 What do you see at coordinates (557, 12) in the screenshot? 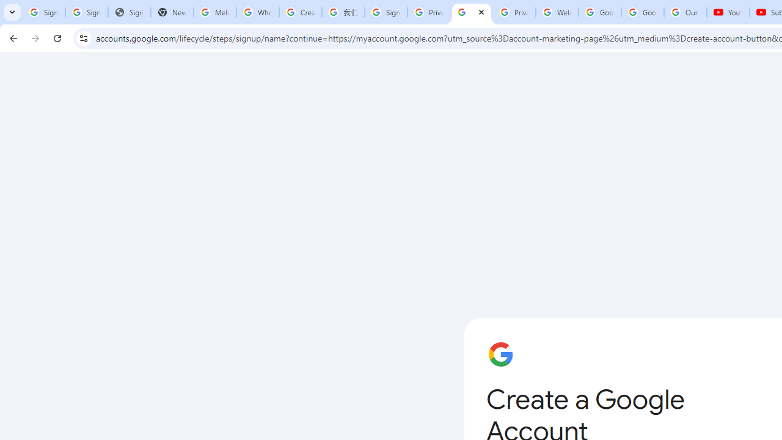
I see `'Welcome to My Activity'` at bounding box center [557, 12].